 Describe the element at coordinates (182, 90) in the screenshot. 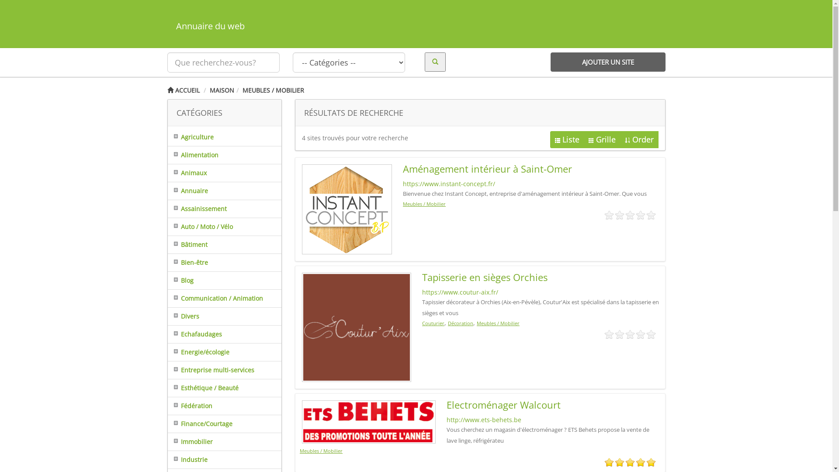

I see `'ACCUEIL'` at that location.